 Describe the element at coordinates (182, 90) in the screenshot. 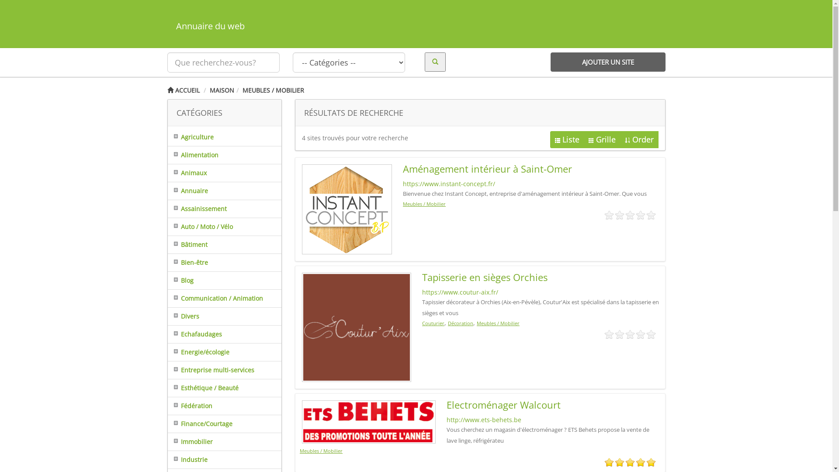

I see `'ACCUEIL'` at that location.